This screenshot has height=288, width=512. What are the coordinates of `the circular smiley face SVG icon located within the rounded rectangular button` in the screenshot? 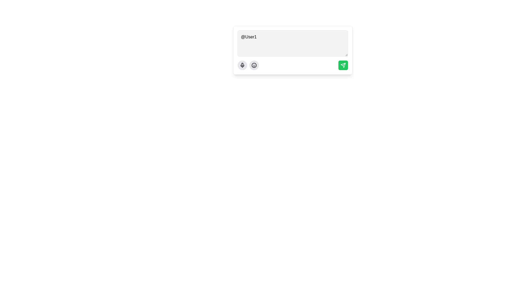 It's located at (254, 65).